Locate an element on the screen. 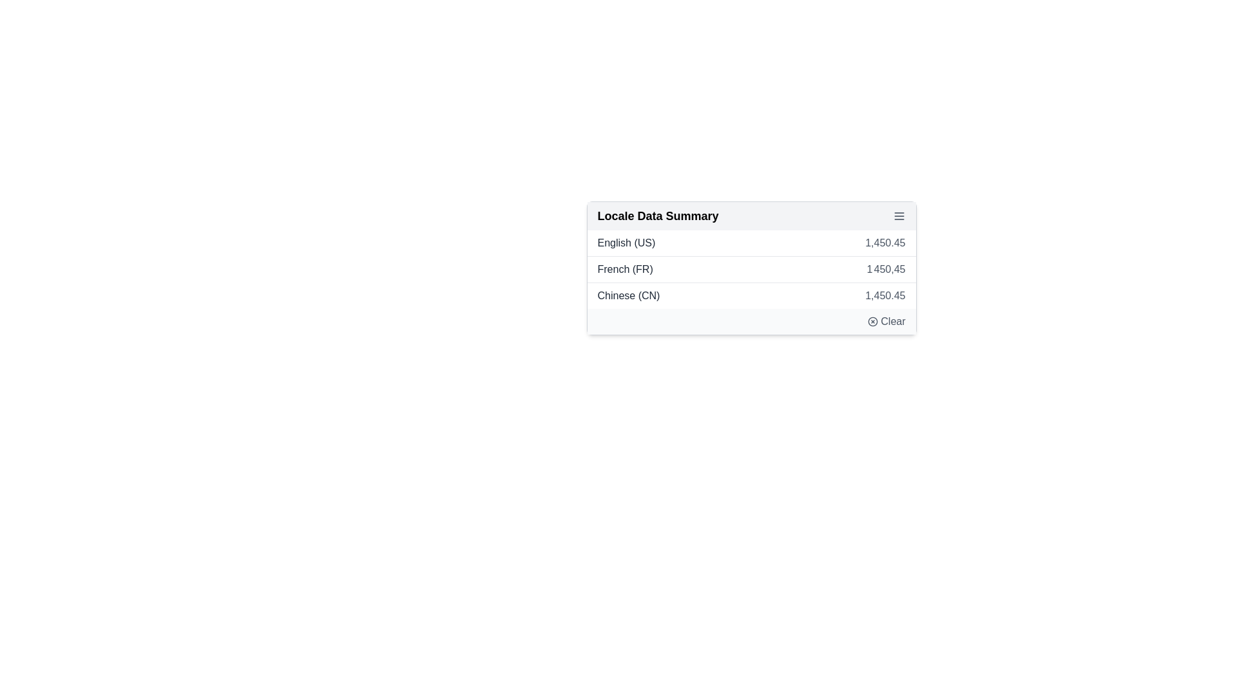 This screenshot has width=1237, height=695. the clear data button located at the bottom-right of the 'Locale Data Summary' box to clear certain data or fields is located at coordinates (751, 321).